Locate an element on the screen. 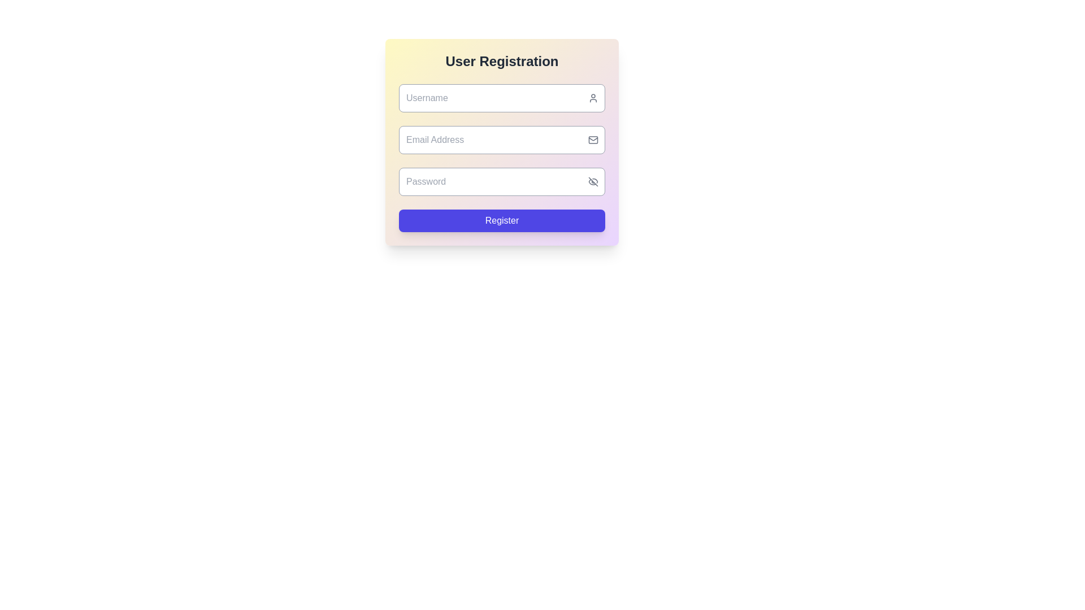 Image resolution: width=1085 pixels, height=610 pixels. the 'hide password' eye icon located to the far right of the password input field in the user registration form to trigger hover effects is located at coordinates (593, 181).